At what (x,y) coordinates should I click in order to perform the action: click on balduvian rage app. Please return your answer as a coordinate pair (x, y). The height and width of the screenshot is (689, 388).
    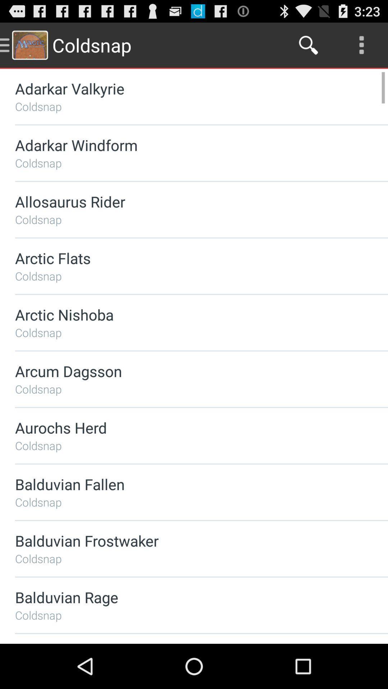
    Looking at the image, I should click on (182, 597).